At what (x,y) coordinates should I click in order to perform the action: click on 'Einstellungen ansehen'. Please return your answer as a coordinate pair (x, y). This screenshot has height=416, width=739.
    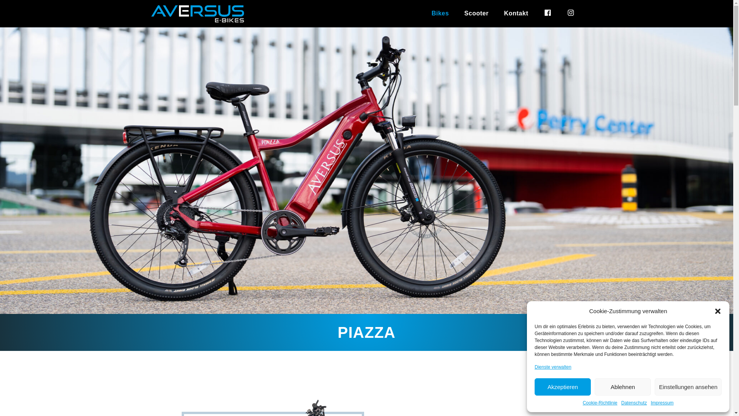
    Looking at the image, I should click on (688, 387).